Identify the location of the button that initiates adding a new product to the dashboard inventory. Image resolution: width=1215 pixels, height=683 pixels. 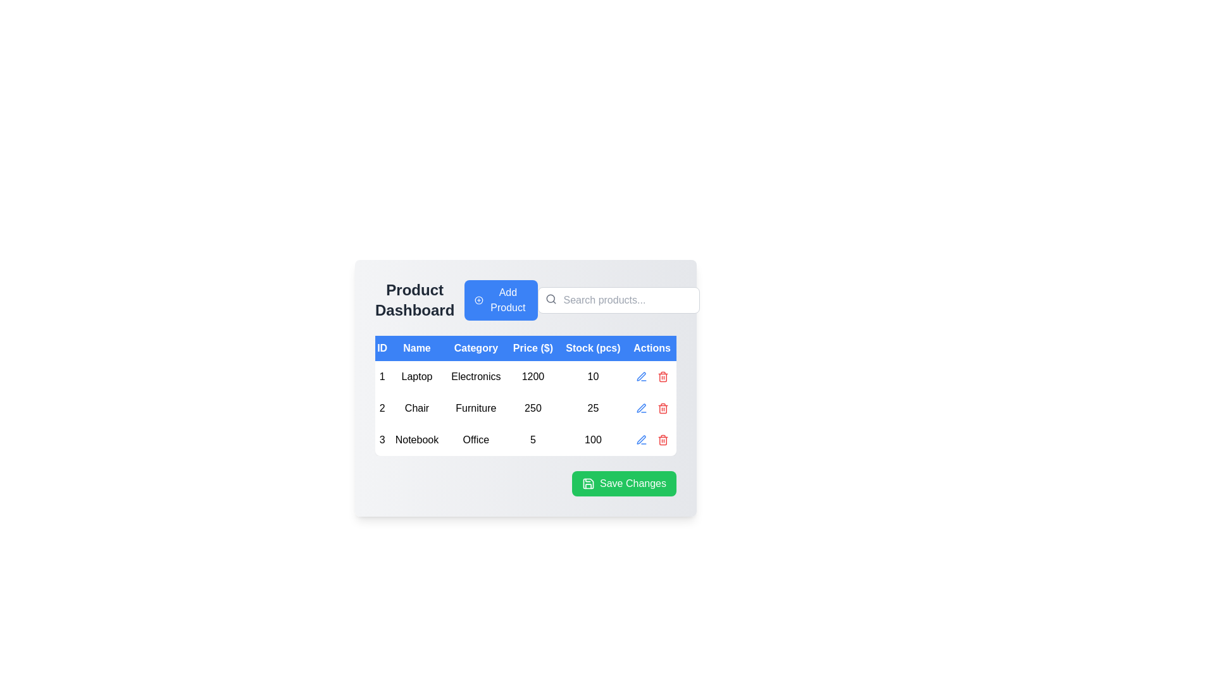
(525, 300).